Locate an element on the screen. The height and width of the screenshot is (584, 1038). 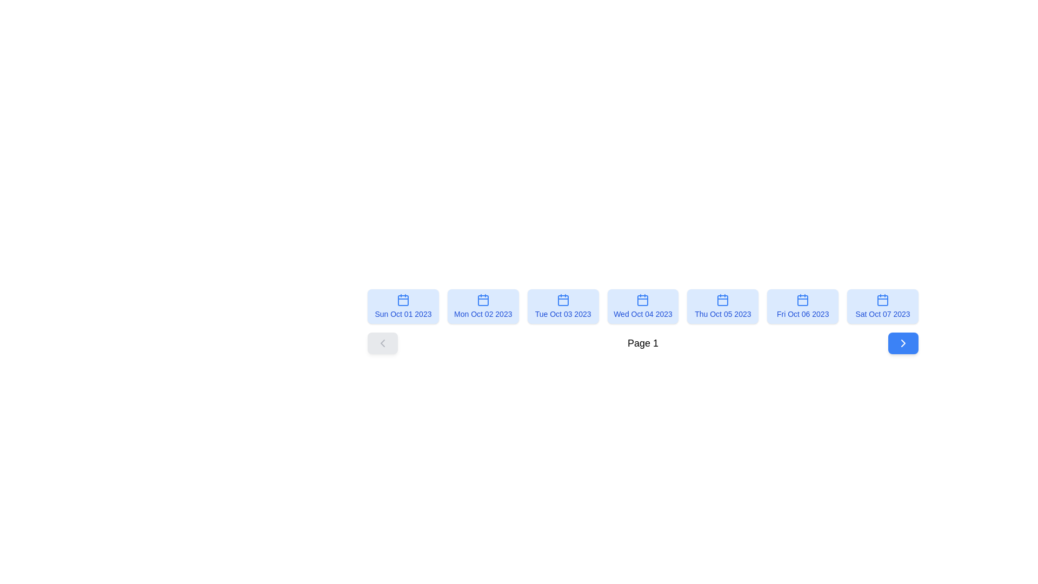
the leftward-pointing chevron navigation arrow icon is located at coordinates (383, 343).